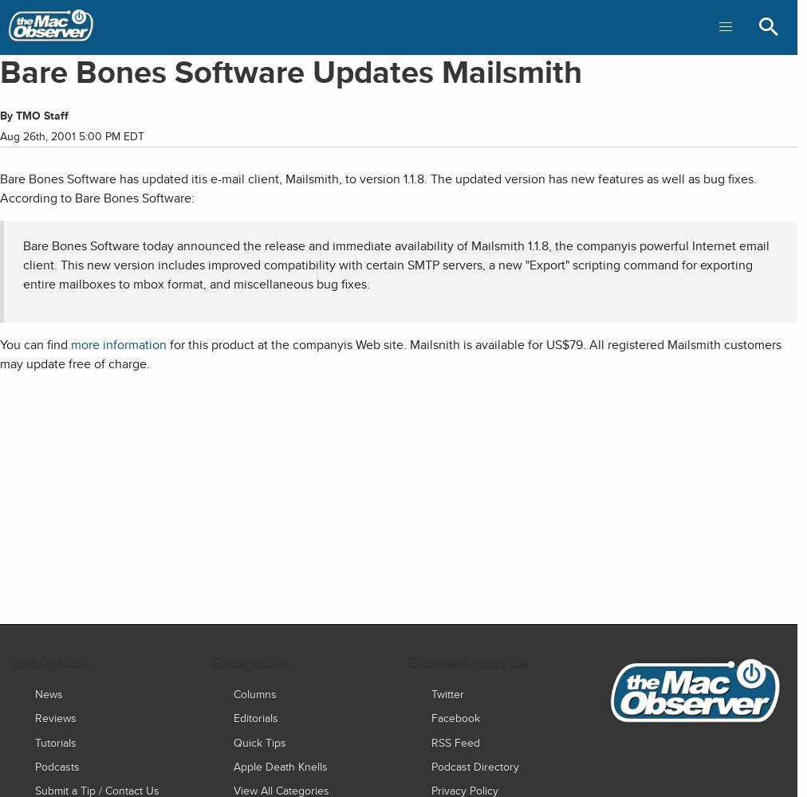  Describe the element at coordinates (248, 661) in the screenshot. I see `'Categories'` at that location.